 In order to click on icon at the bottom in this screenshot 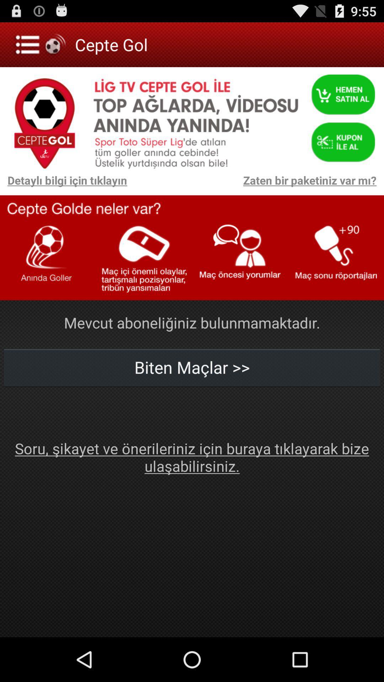, I will do `click(192, 457)`.